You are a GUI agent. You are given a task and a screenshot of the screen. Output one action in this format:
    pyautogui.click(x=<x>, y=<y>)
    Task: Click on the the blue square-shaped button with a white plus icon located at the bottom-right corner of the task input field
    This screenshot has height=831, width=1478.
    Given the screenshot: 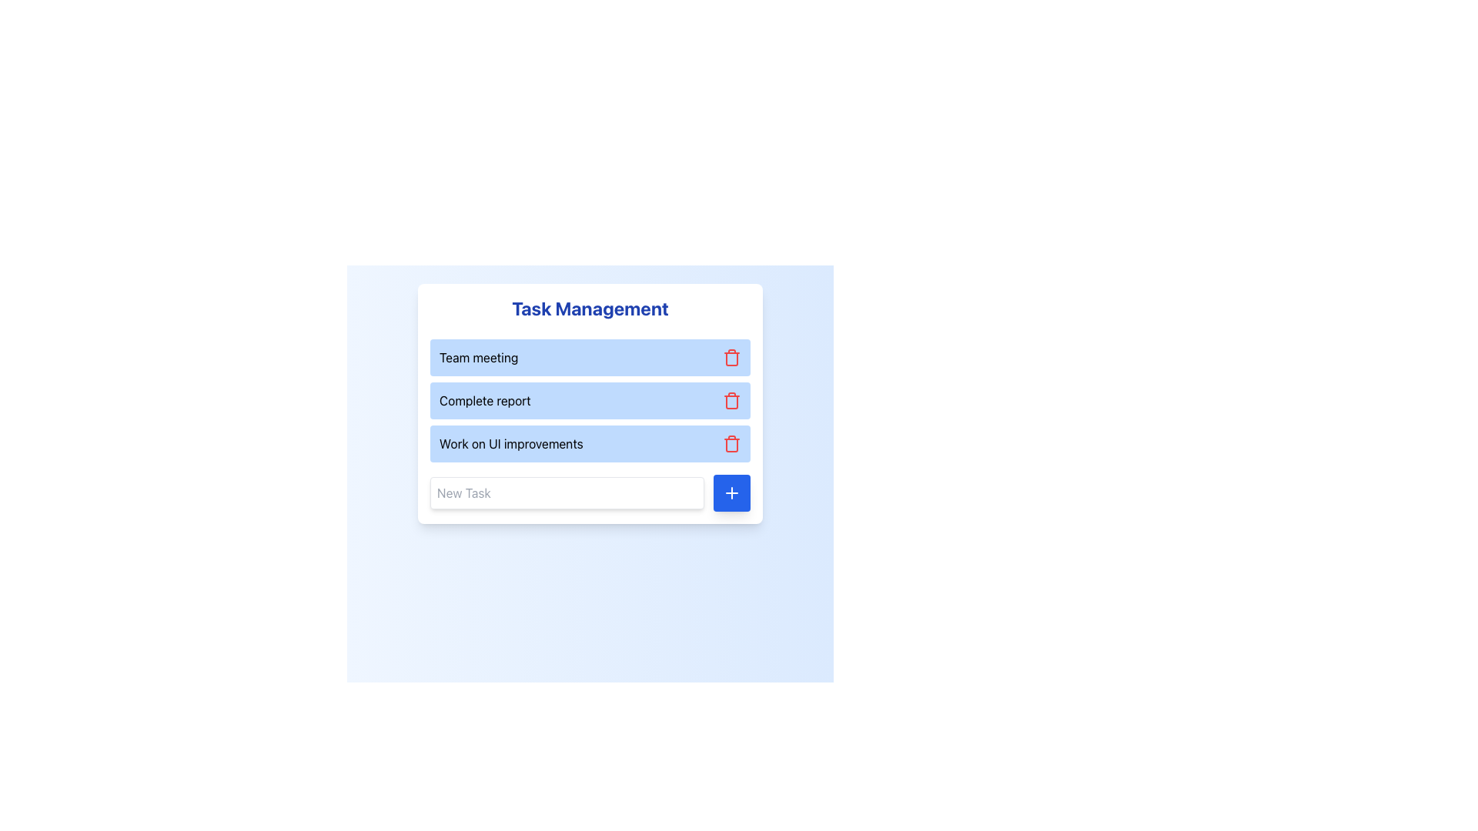 What is the action you would take?
    pyautogui.click(x=731, y=492)
    